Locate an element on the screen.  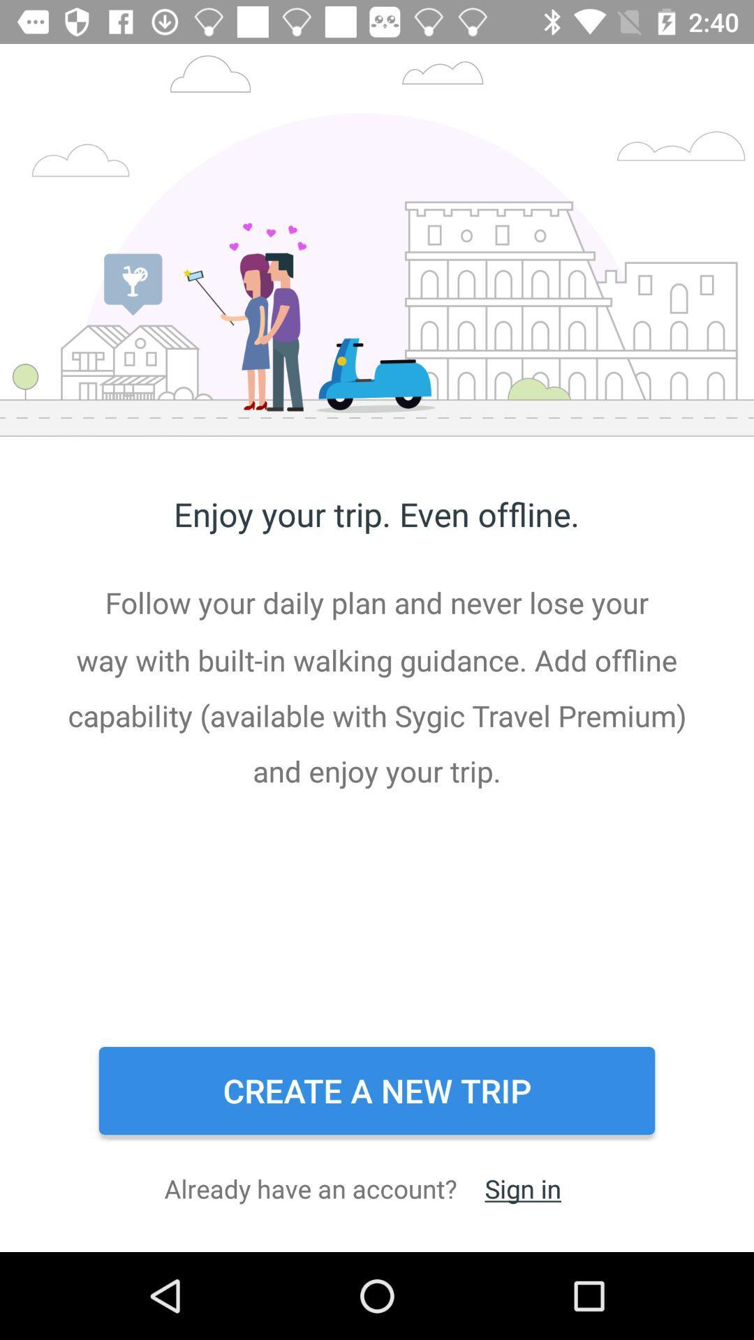
icon at the bottom right corner is located at coordinates (523, 1188).